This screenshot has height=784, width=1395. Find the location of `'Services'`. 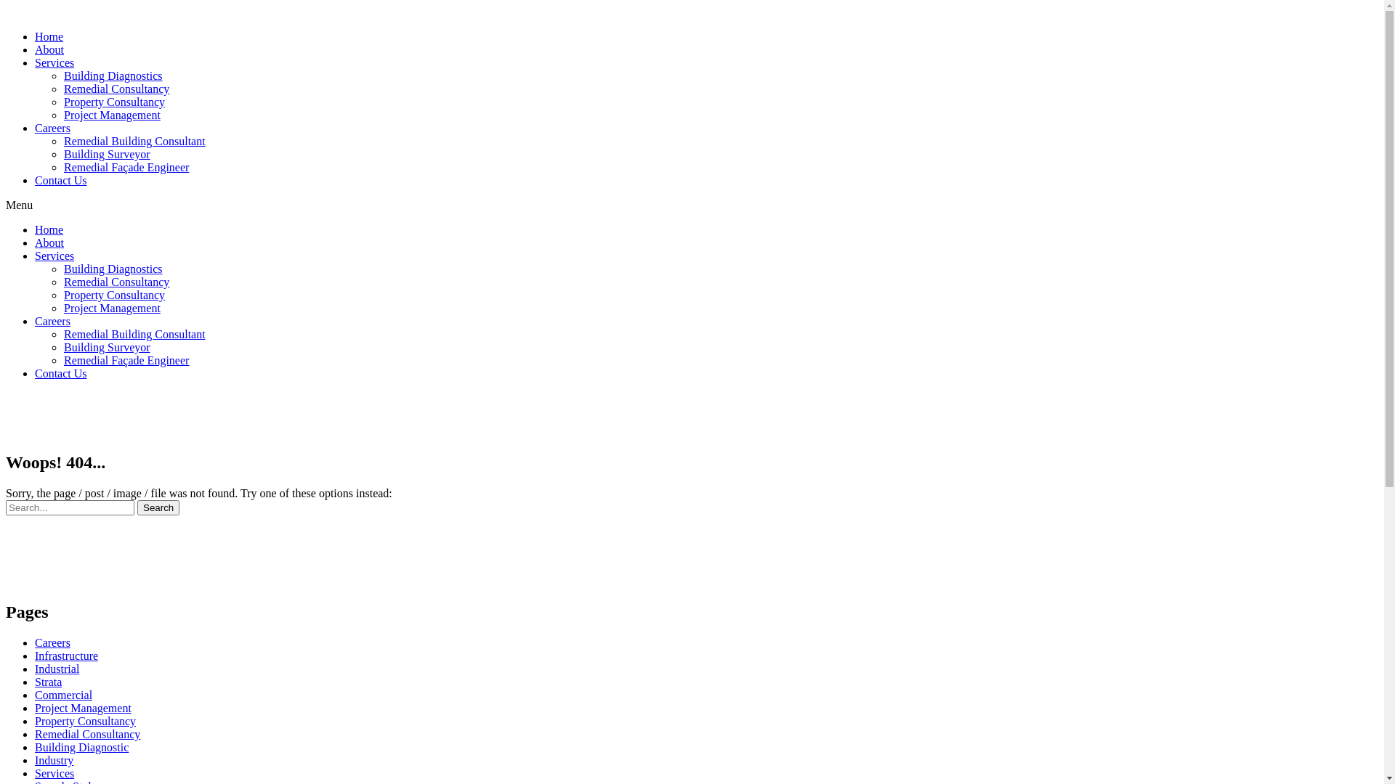

'Services' is located at coordinates (54, 62).